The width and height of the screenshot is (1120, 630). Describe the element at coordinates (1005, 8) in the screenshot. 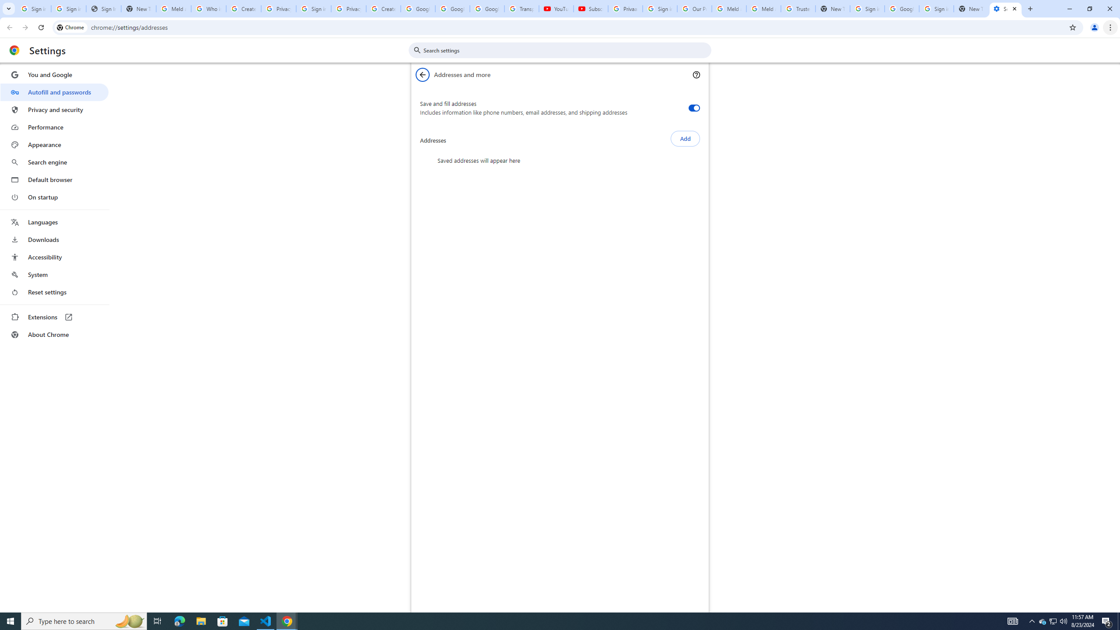

I see `'Settings - Addresses and more'` at that location.